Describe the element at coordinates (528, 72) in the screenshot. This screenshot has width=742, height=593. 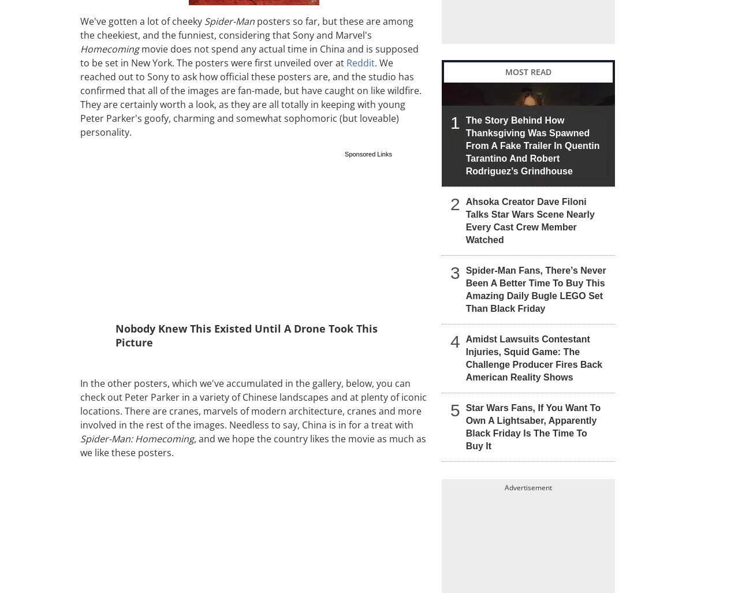
I see `'MOST READ'` at that location.